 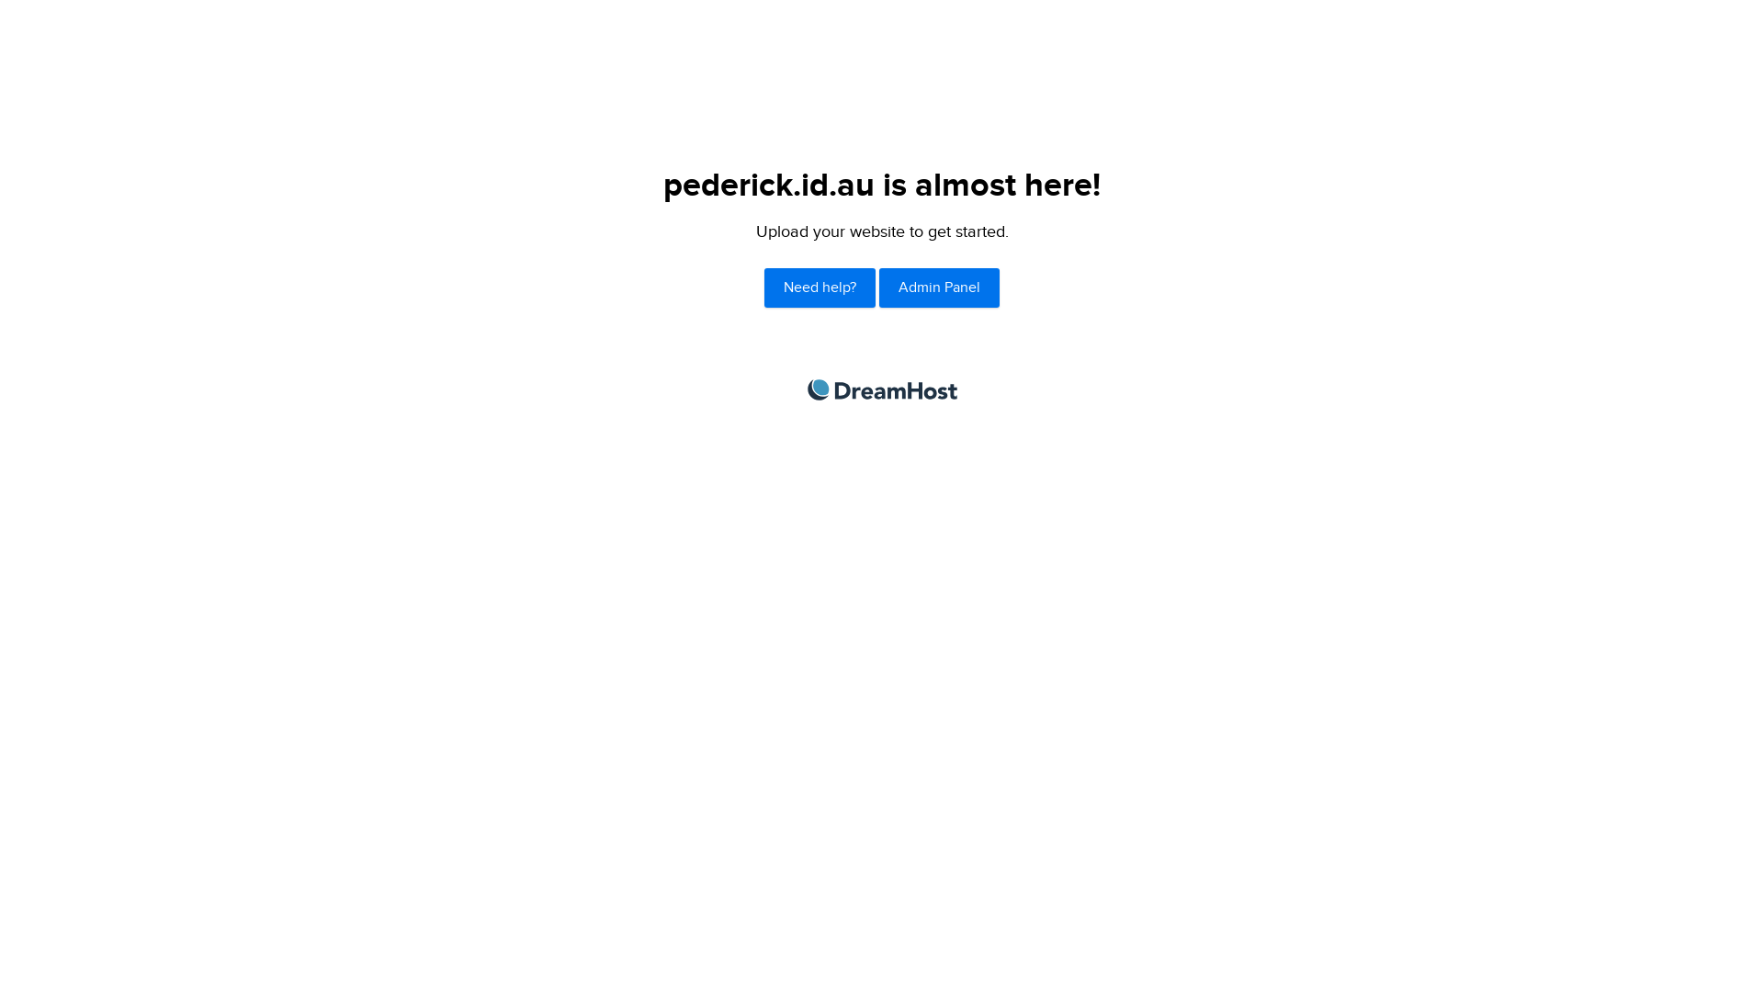 I want to click on 'DreamHost', so click(x=880, y=388).